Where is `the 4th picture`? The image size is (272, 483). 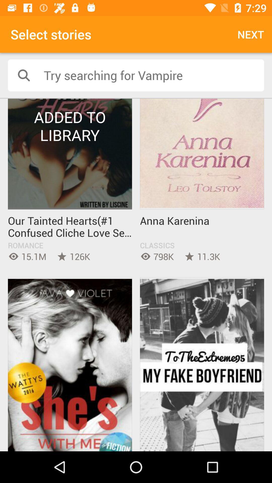 the 4th picture is located at coordinates (202, 364).